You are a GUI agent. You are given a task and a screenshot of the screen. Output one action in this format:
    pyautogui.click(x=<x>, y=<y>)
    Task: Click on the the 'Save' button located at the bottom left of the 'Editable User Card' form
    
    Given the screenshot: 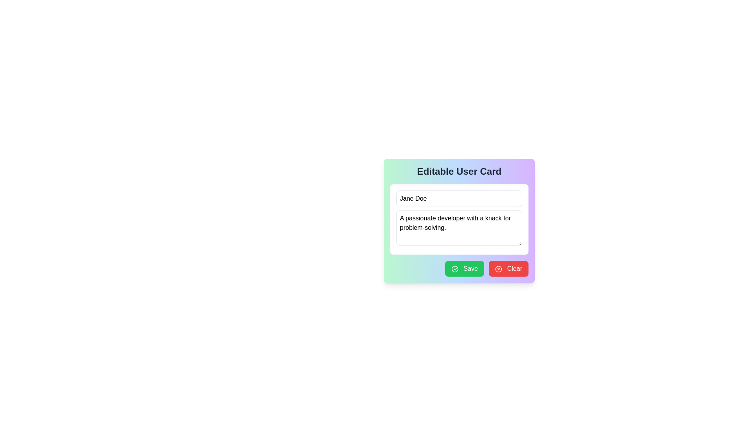 What is the action you would take?
    pyautogui.click(x=464, y=268)
    